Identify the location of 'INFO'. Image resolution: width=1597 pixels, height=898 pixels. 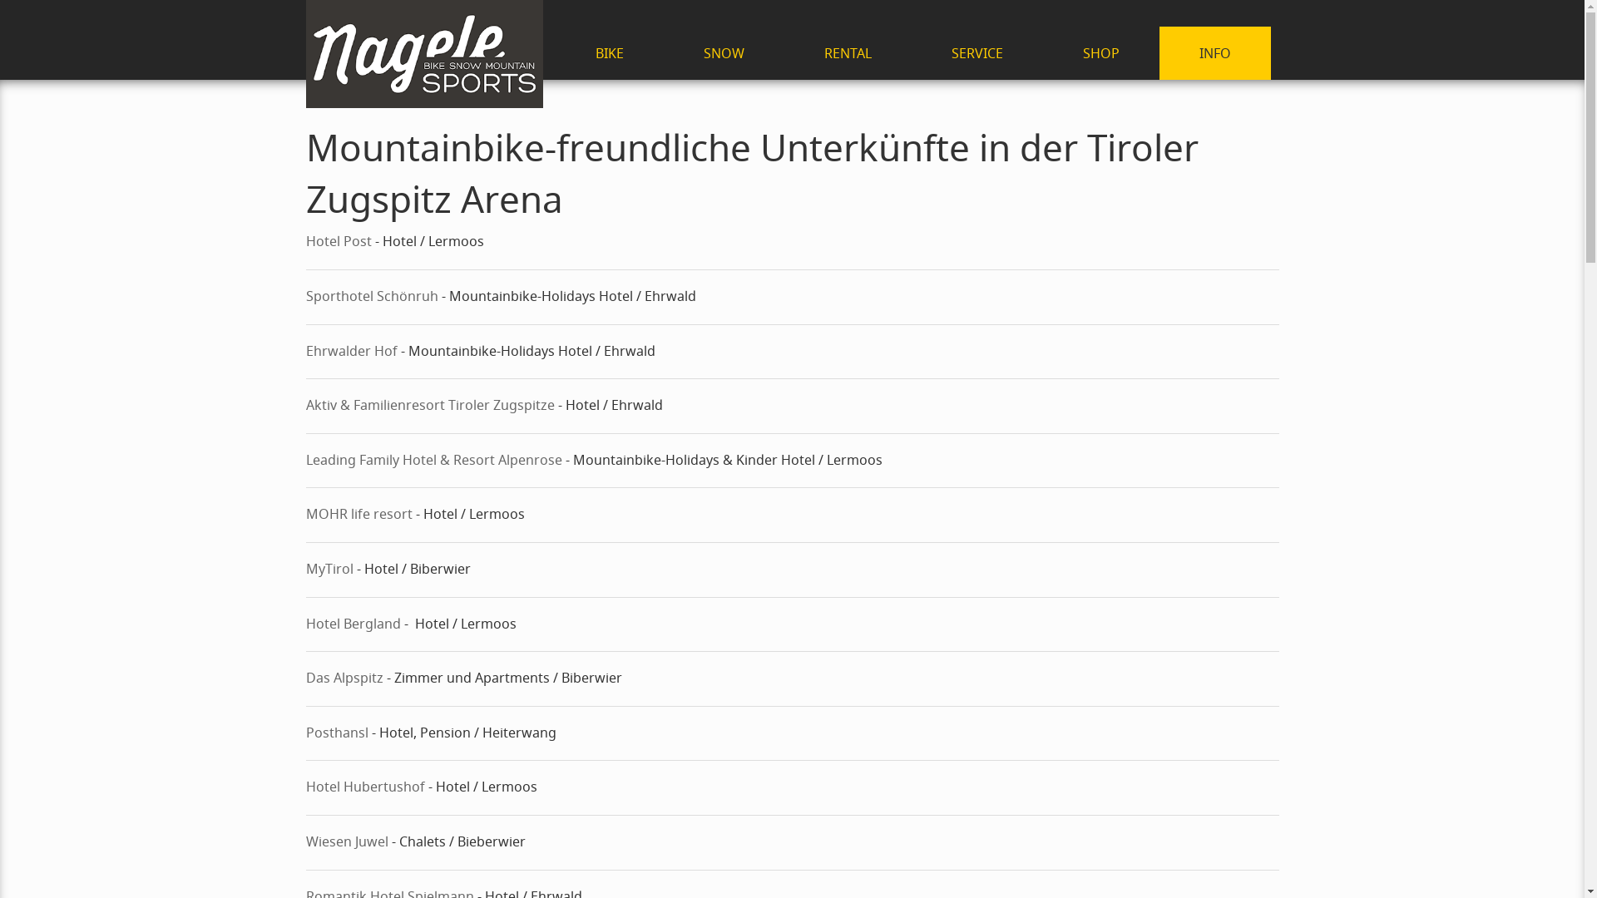
(1214, 52).